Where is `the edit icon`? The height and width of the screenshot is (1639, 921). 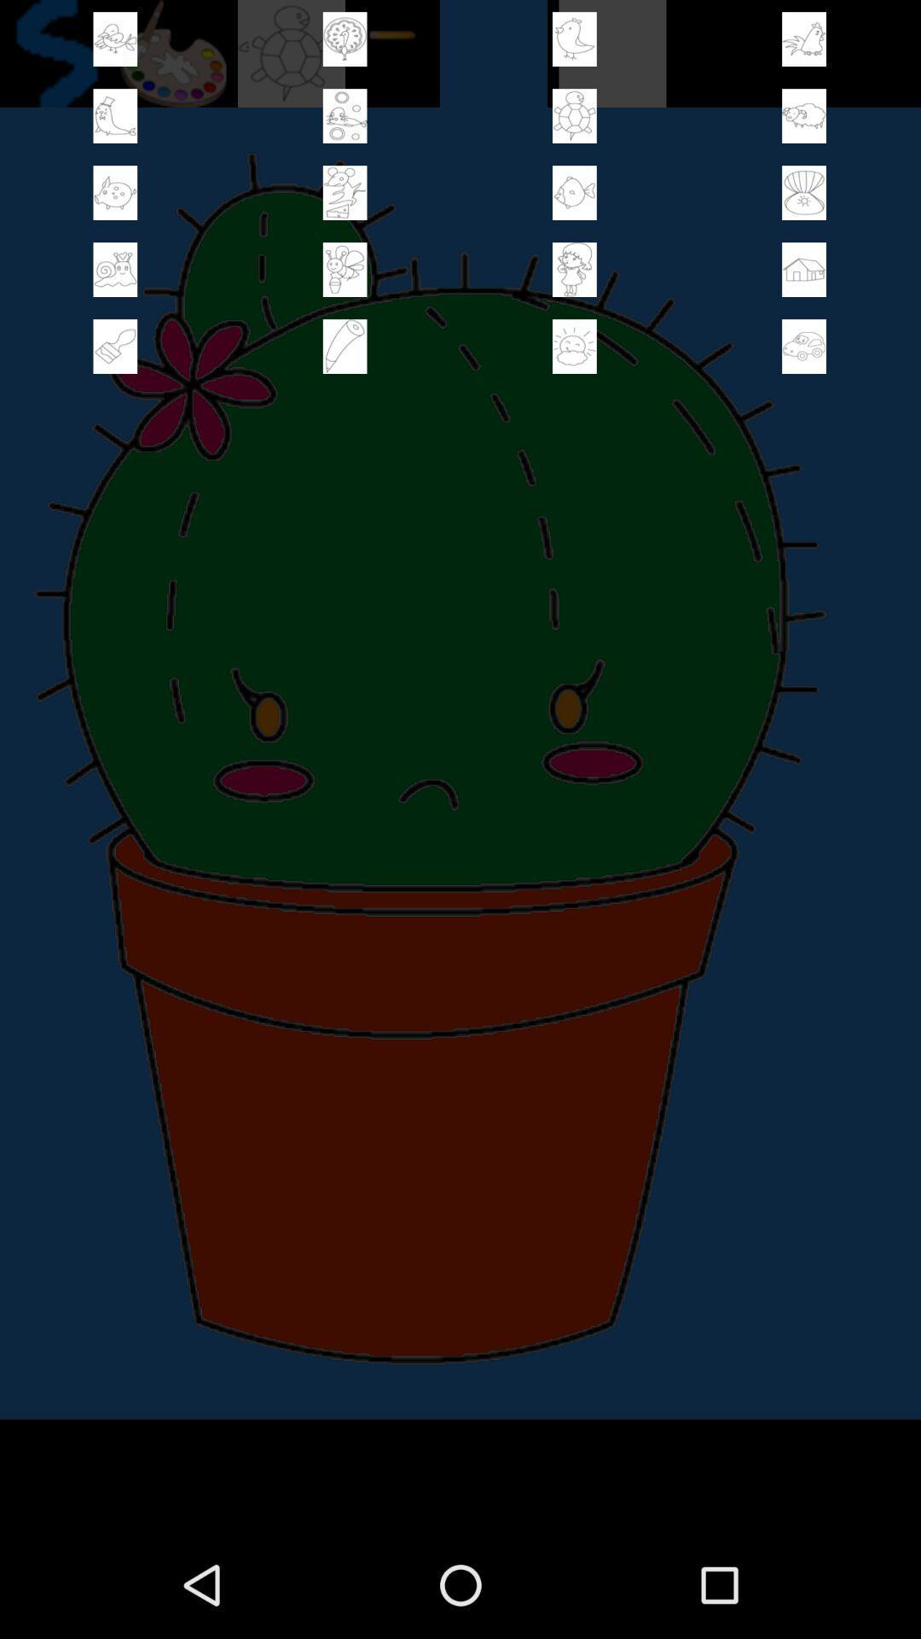
the edit icon is located at coordinates (345, 370).